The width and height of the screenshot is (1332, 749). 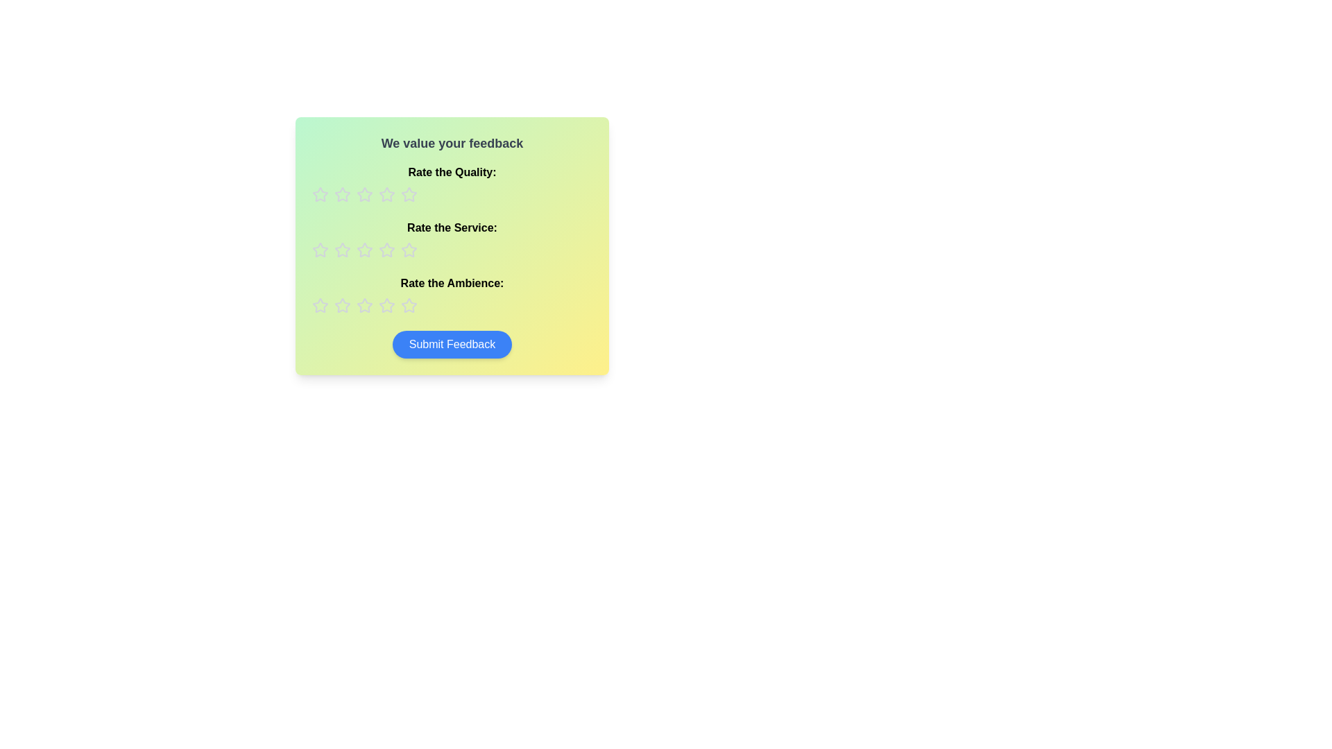 I want to click on the text label displaying 'Rate the Ambience:' which is positioned below the 'Rate the Service:' label and above the star rating icons, so click(x=452, y=293).